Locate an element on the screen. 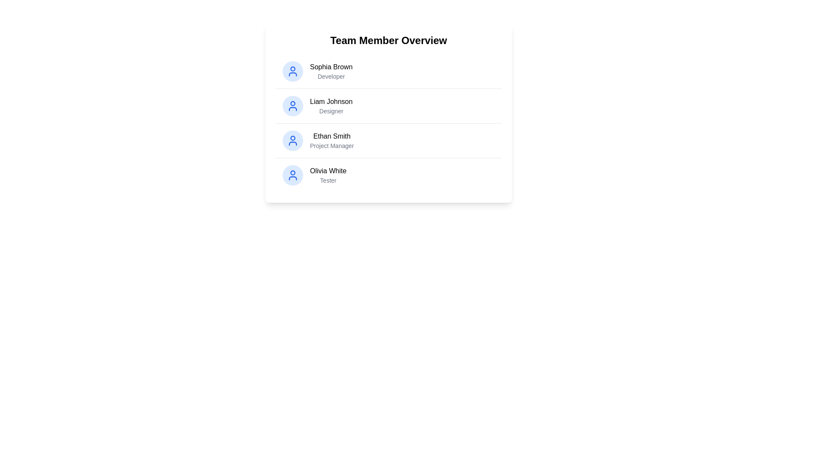 This screenshot has height=462, width=821. the user icon representing Ethan Smith, located in a circular badge next to his name and title is located at coordinates (293, 140).